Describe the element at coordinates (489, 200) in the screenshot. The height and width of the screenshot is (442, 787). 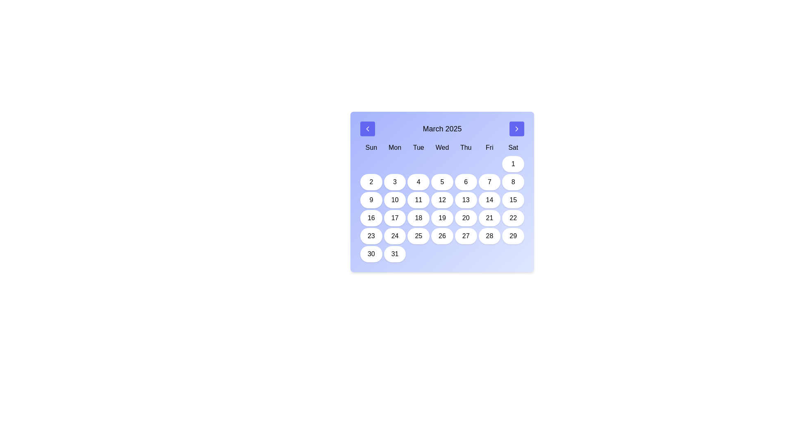
I see `the button for selecting the date '14' in the calendar interface` at that location.